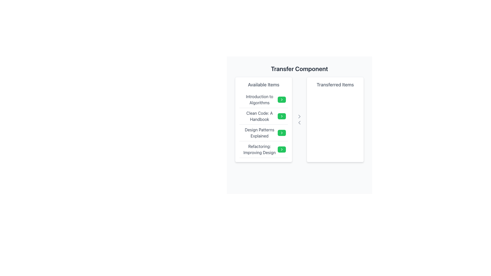 This screenshot has width=491, height=276. What do you see at coordinates (282, 99) in the screenshot?
I see `the right-pointing chevron icon button located in the 'Available Items' section` at bounding box center [282, 99].